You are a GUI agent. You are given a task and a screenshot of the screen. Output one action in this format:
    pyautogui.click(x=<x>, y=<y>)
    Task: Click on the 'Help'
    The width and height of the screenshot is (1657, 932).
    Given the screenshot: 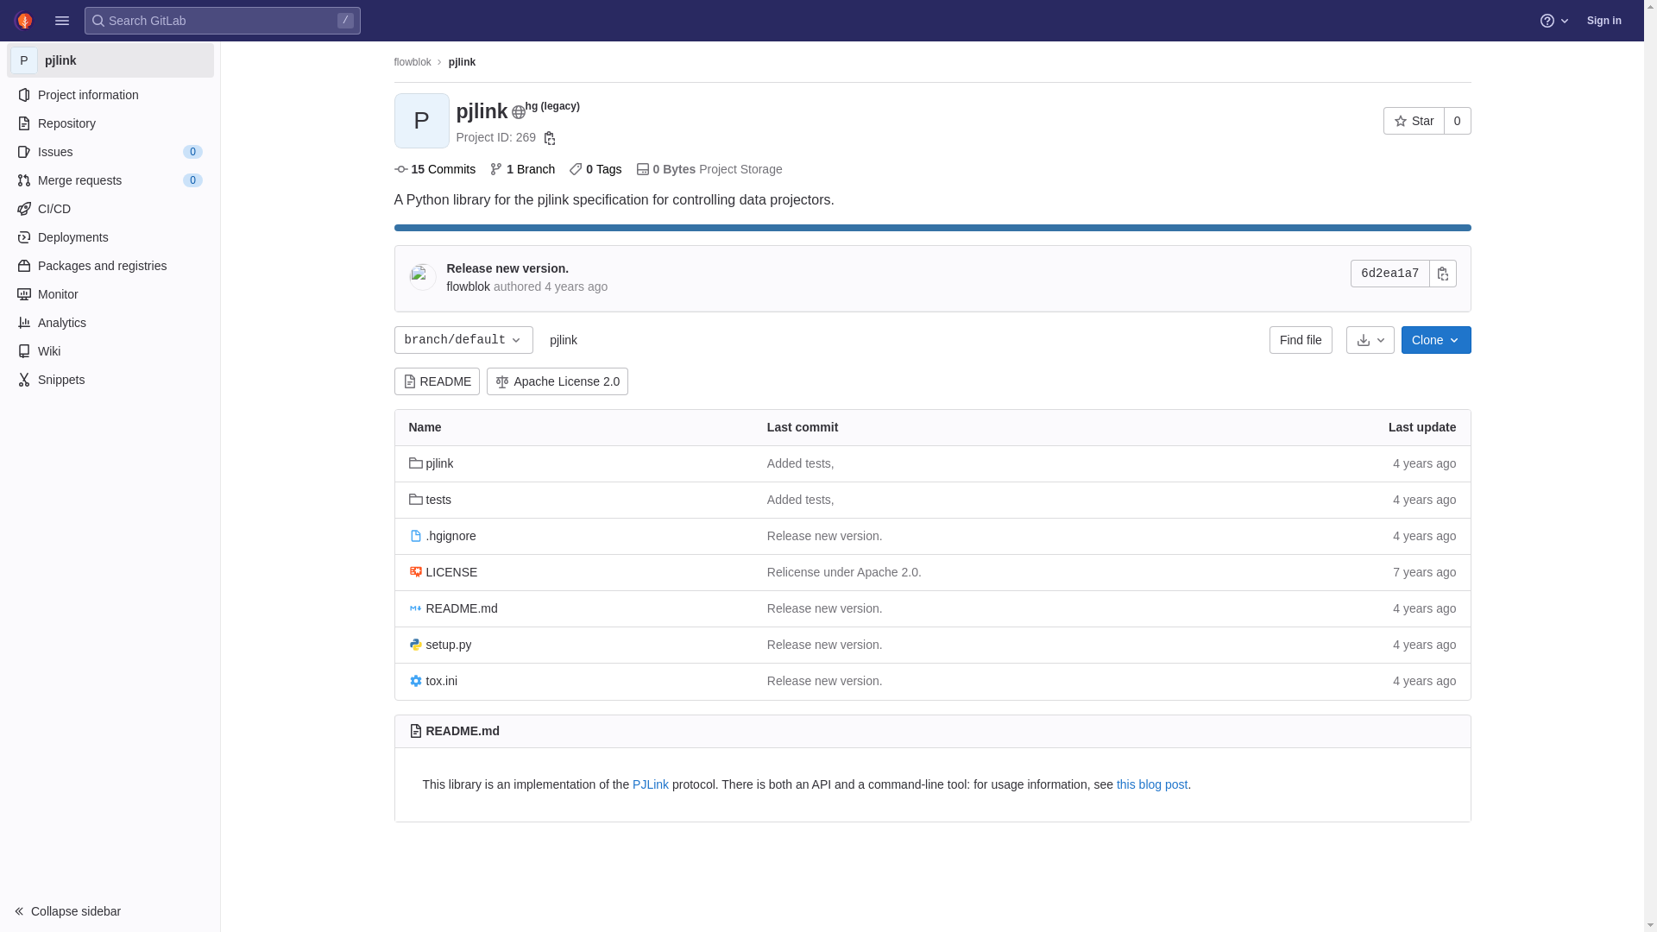 What is the action you would take?
    pyautogui.click(x=1556, y=20)
    